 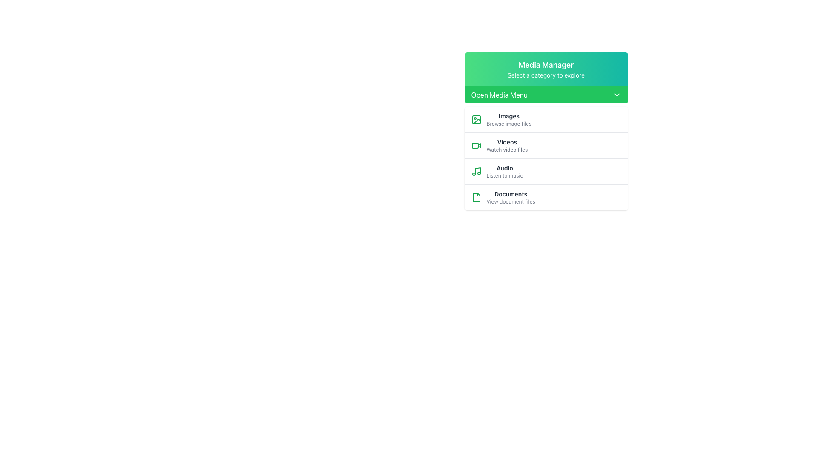 What do you see at coordinates (546, 120) in the screenshot?
I see `the first menu item under the 'Open Media Menu', which serves as a visual indicator for browsing image files` at bounding box center [546, 120].